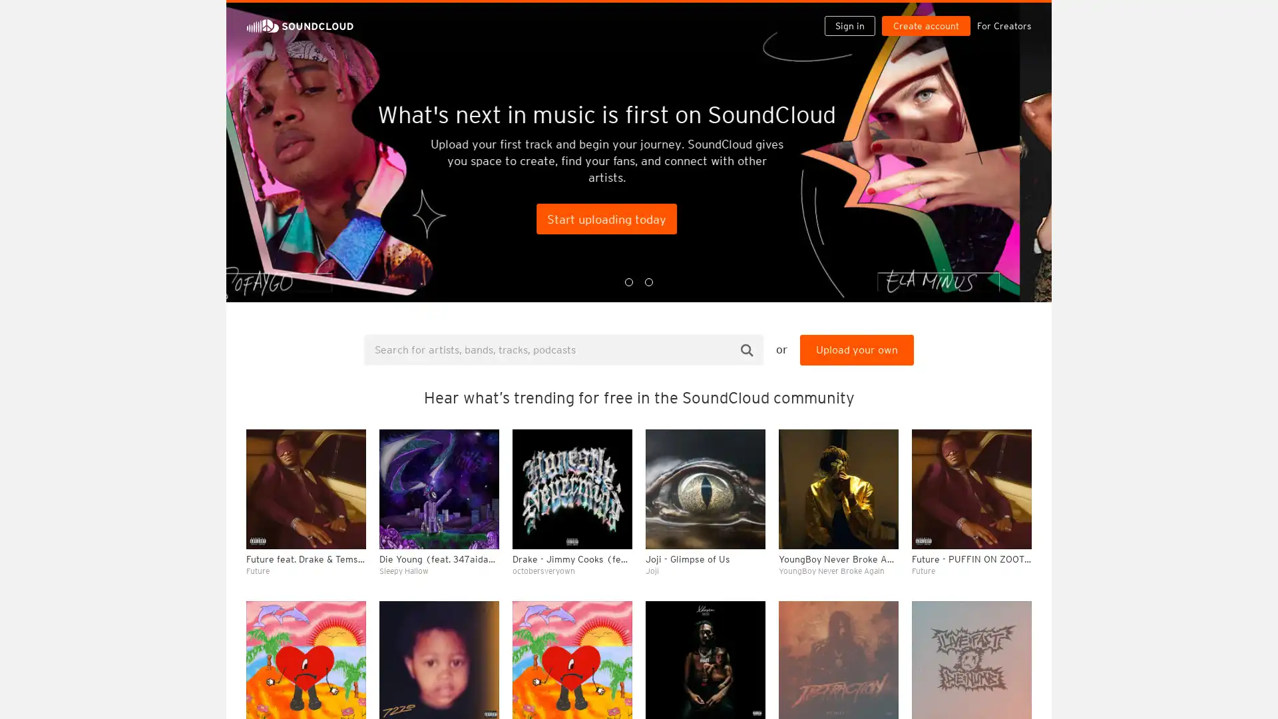 The height and width of the screenshot is (719, 1278). I want to click on Sign in, so click(855, 15).